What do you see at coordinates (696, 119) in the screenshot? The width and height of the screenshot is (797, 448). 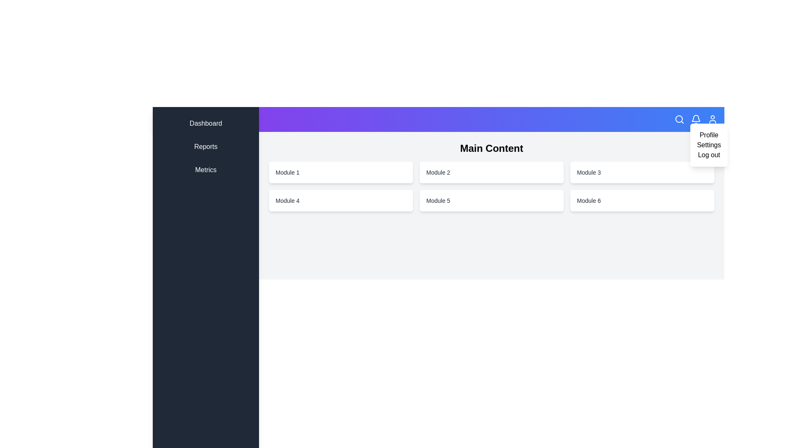 I see `the modern minimalistic bell-shaped icon located in the top-right corner of the interface, adjacent to the search icon and profile icon` at bounding box center [696, 119].